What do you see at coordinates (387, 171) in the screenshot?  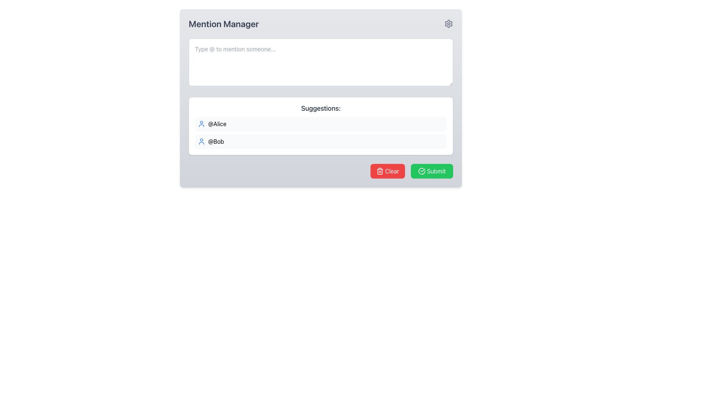 I see `the 'Clear' button, which is the first button in the horizontal grouping at the bottom-right corner of the interface` at bounding box center [387, 171].